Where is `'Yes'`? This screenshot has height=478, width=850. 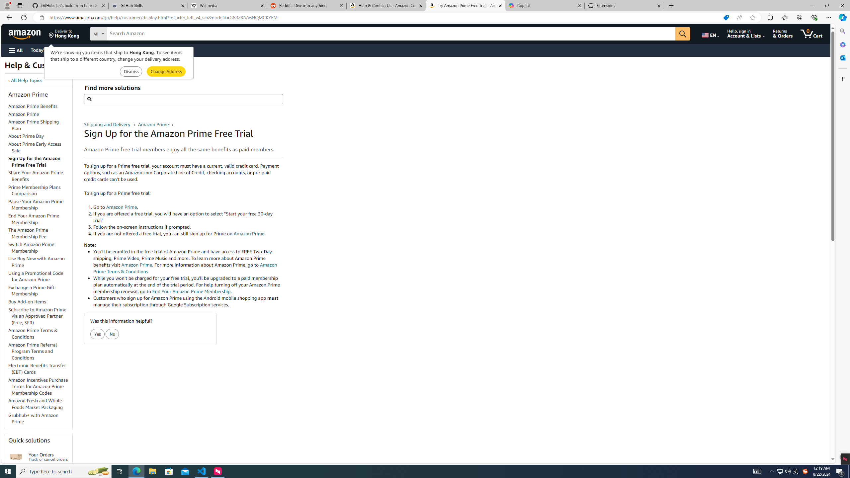
'Yes' is located at coordinates (97, 334).